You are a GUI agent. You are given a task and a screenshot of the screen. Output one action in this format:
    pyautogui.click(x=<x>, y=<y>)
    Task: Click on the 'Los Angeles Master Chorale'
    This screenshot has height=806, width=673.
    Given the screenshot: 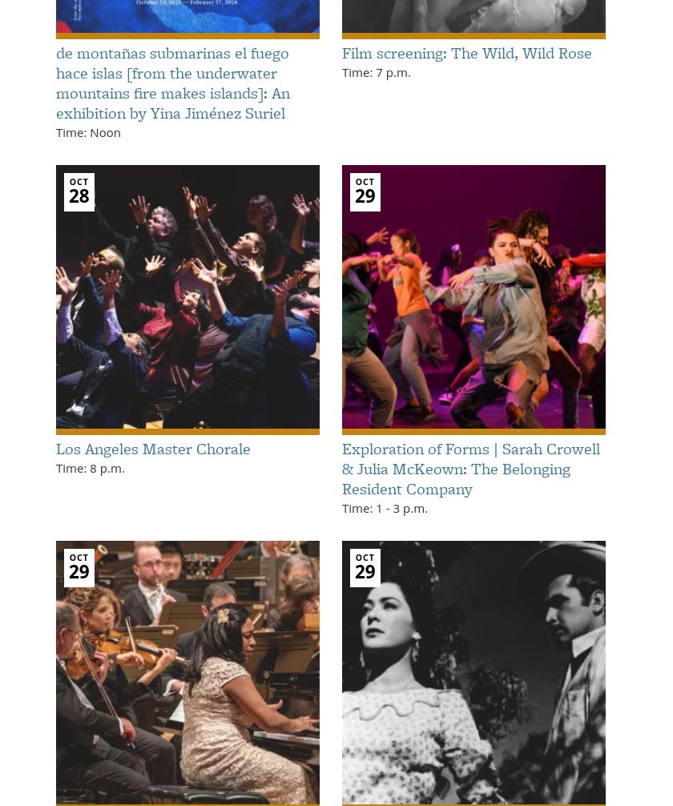 What is the action you would take?
    pyautogui.click(x=153, y=448)
    